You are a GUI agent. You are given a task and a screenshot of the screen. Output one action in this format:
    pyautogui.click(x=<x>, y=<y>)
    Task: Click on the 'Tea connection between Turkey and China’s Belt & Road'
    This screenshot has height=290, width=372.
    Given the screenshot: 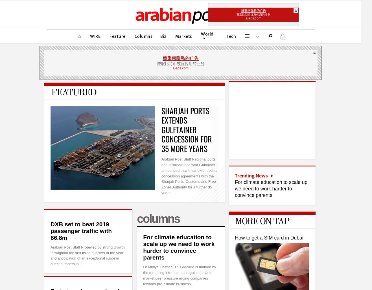 What is the action you would take?
    pyautogui.click(x=275, y=185)
    